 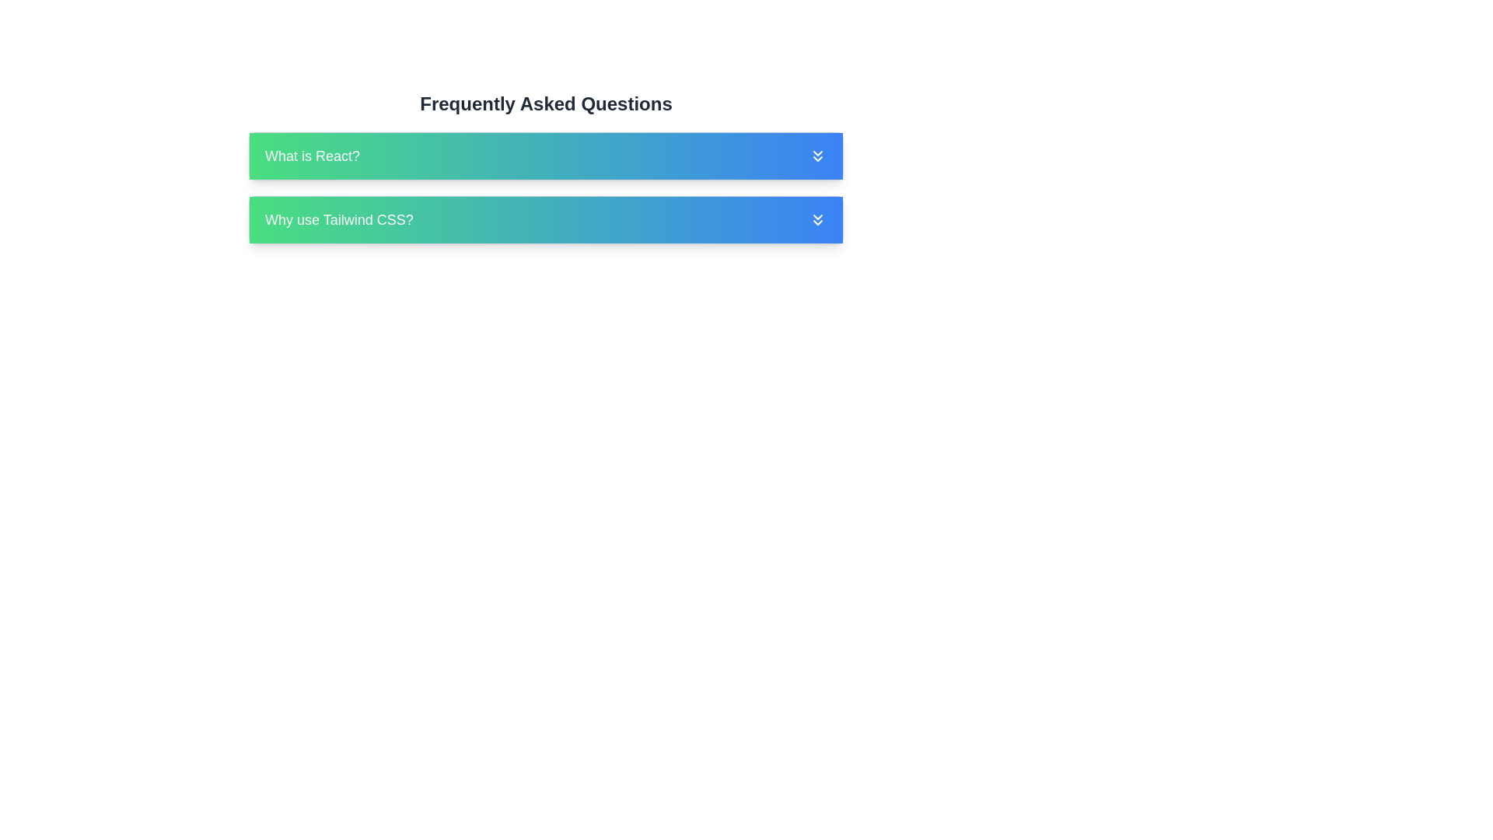 What do you see at coordinates (546, 156) in the screenshot?
I see `the Collapsible Section Header labeled 'What is React?' for interaction by moving the cursor to its center point` at bounding box center [546, 156].